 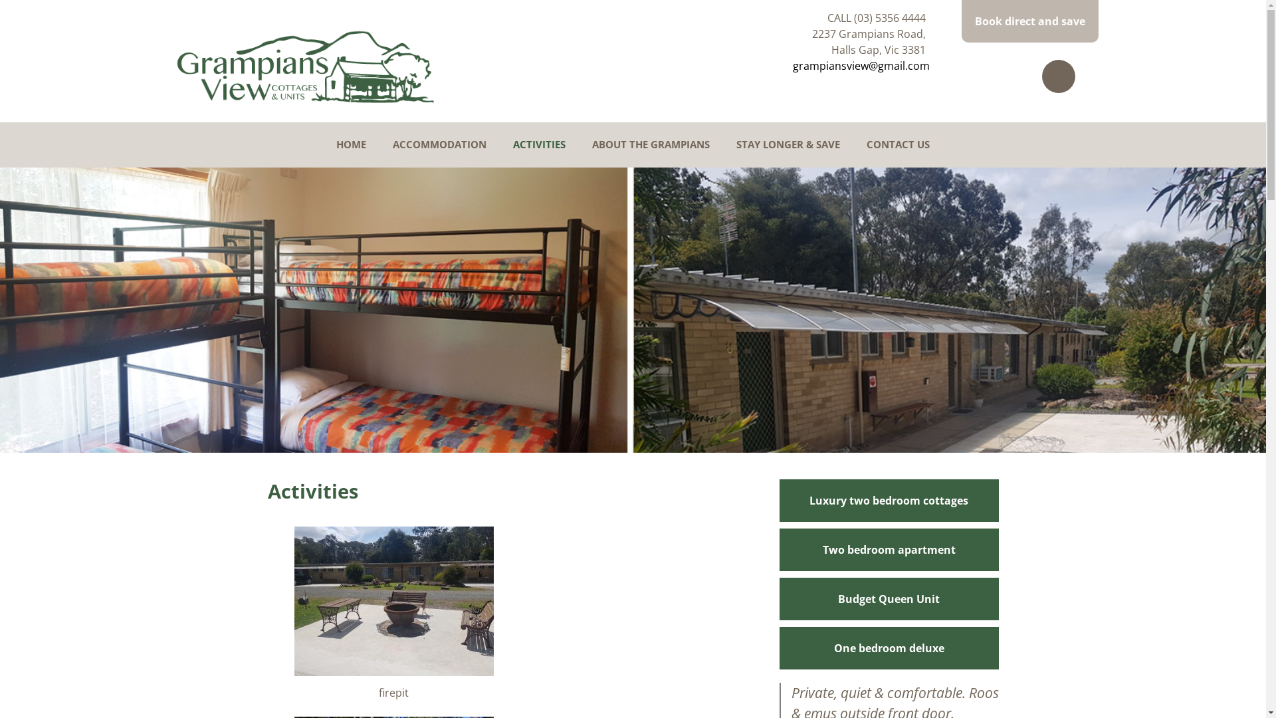 What do you see at coordinates (539, 145) in the screenshot?
I see `'ACTIVITIES'` at bounding box center [539, 145].